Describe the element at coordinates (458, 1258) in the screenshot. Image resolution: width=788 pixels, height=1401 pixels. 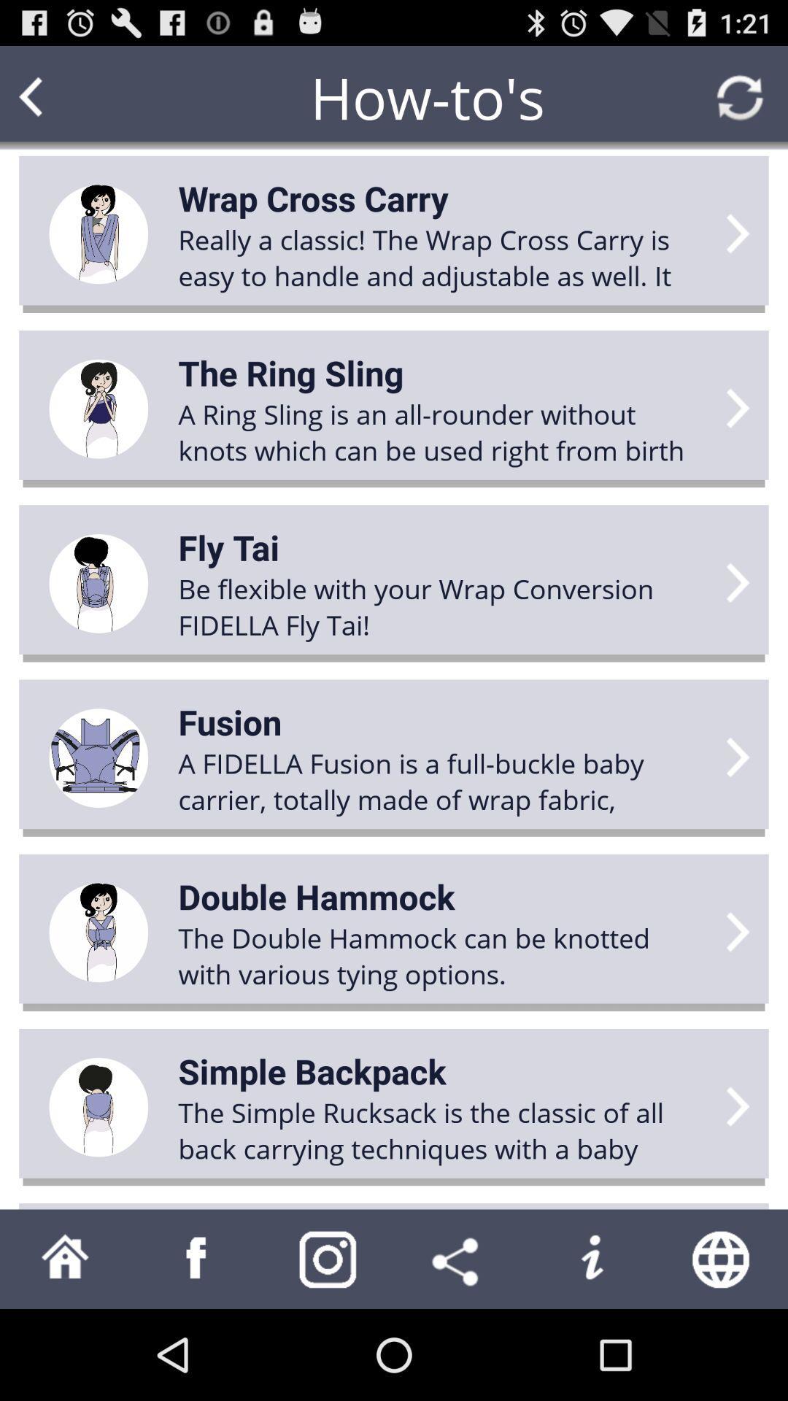
I see `share tutorials` at that location.